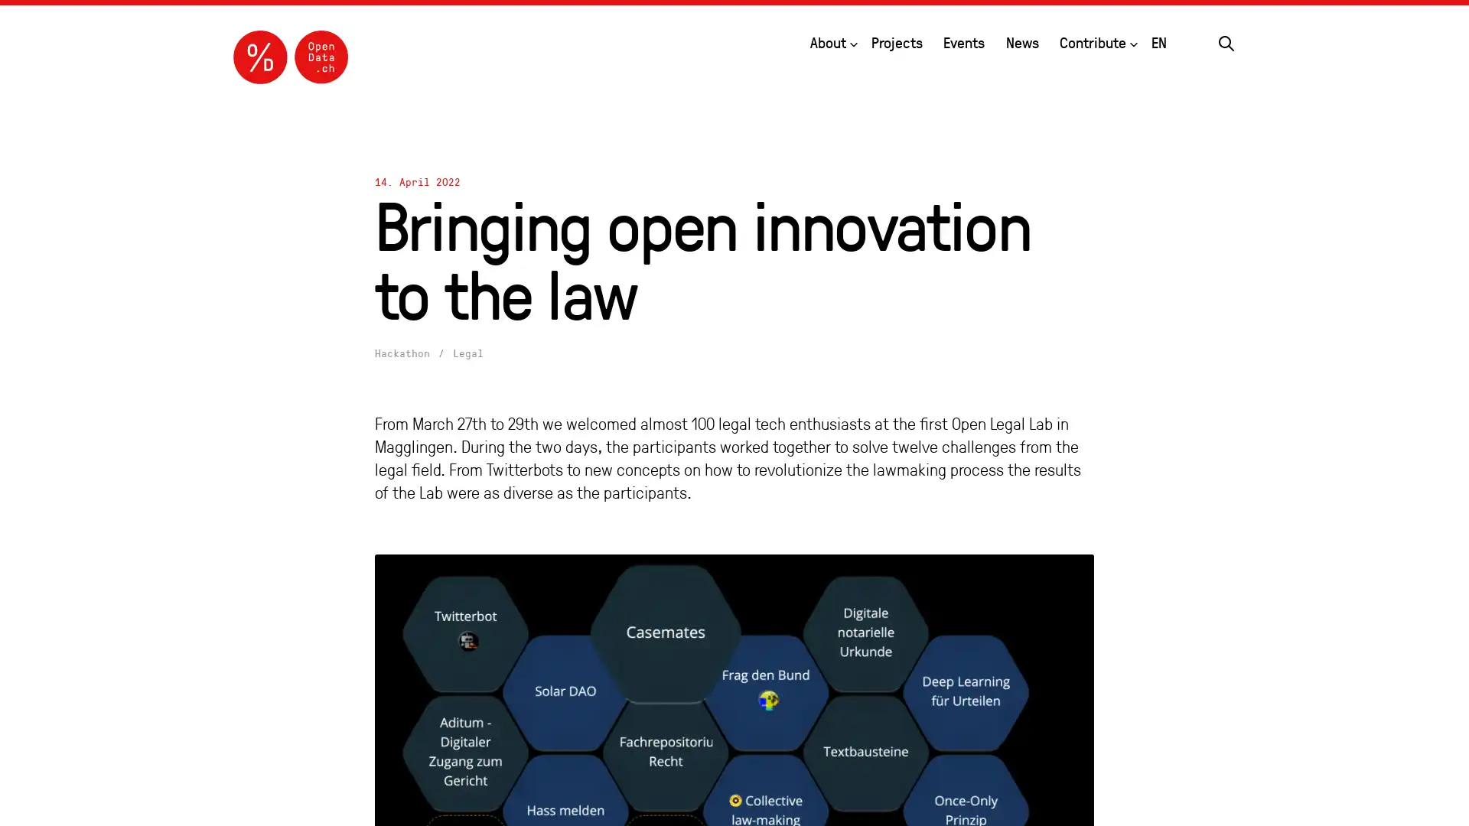 The image size is (1469, 826). What do you see at coordinates (1134, 41) in the screenshot?
I see `Open` at bounding box center [1134, 41].